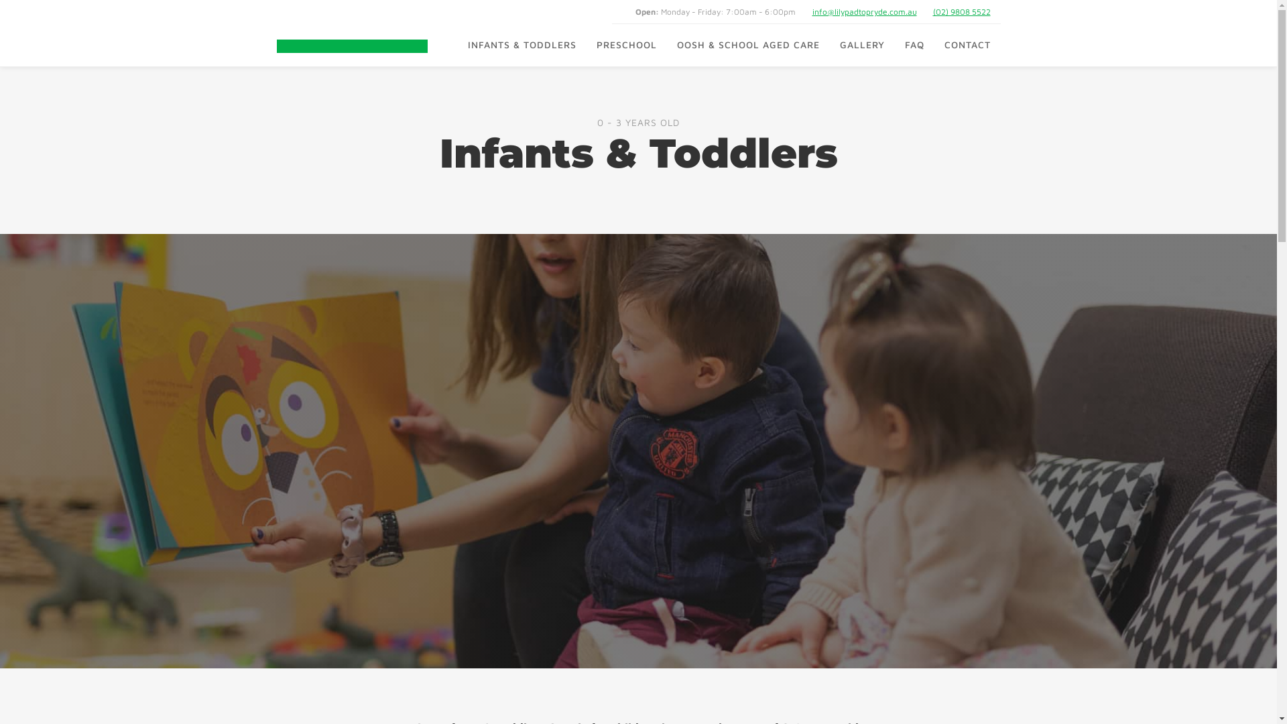  I want to click on '(02) 9808 5522', so click(932, 11).